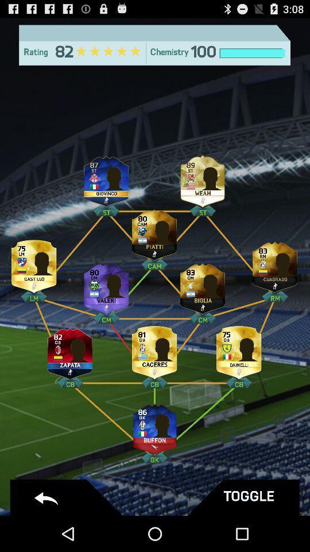 The height and width of the screenshot is (552, 310). I want to click on this player, so click(154, 425).